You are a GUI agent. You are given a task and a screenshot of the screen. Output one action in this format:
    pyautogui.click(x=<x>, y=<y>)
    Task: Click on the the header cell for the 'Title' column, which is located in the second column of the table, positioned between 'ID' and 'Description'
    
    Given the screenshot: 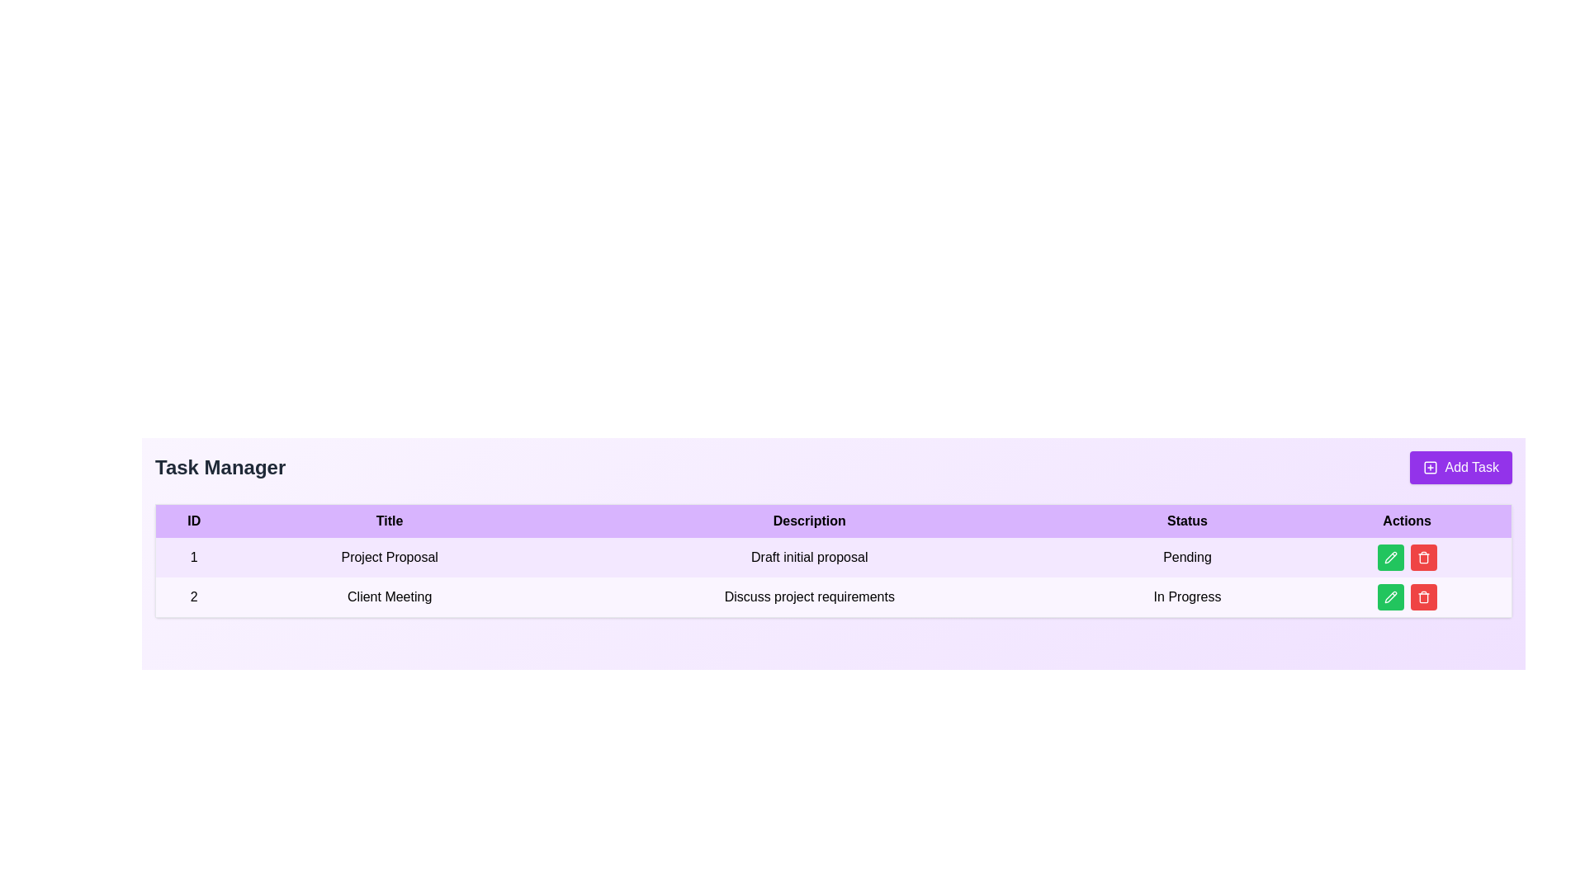 What is the action you would take?
    pyautogui.click(x=389, y=521)
    